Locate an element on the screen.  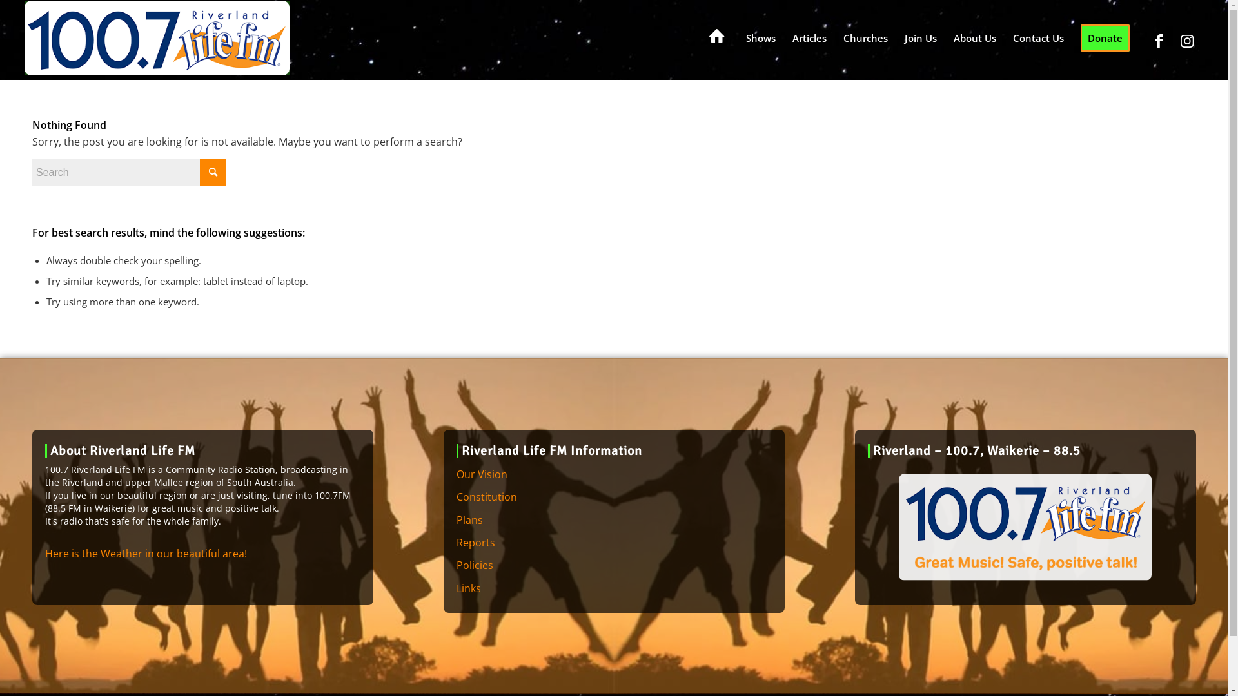
'Join Us' is located at coordinates (896, 37).